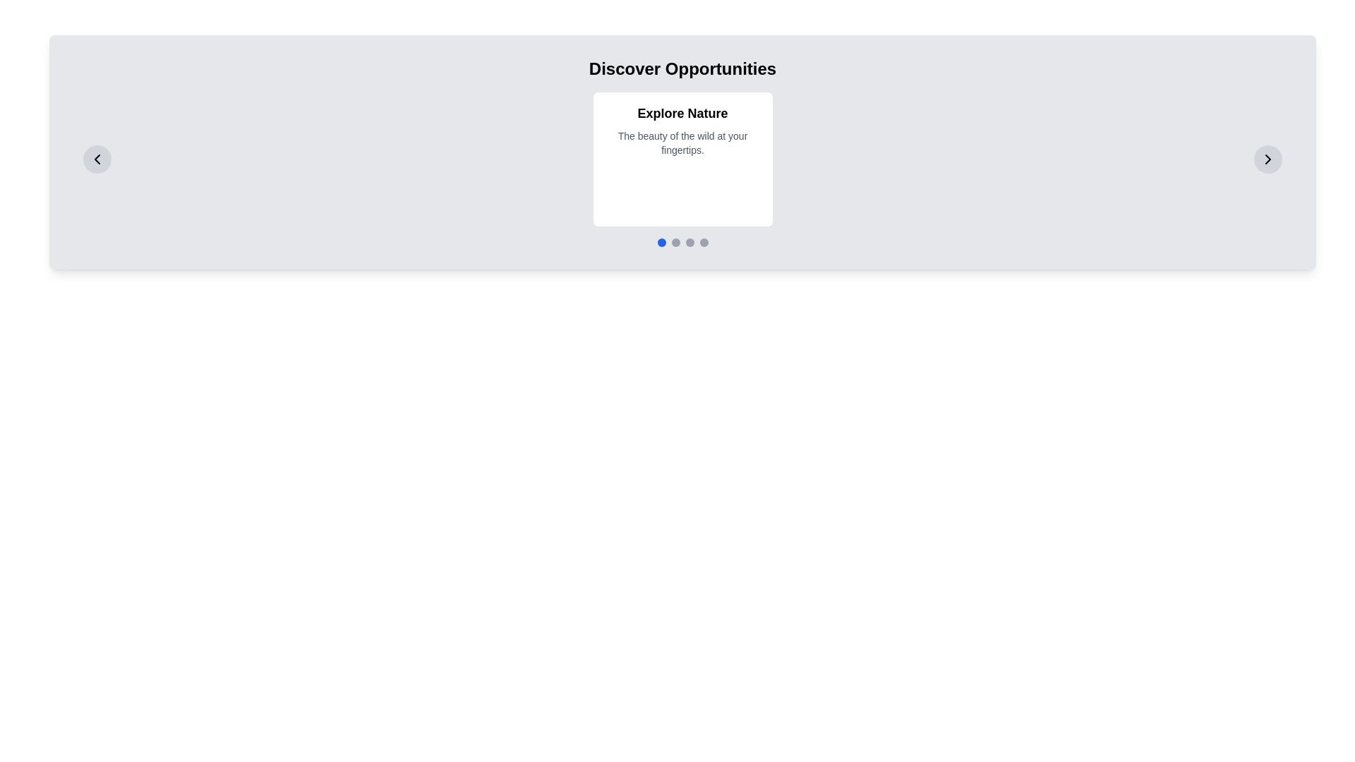 This screenshot has width=1355, height=762. What do you see at coordinates (97, 159) in the screenshot?
I see `the circular button with a light gray background and a black left-pointing chevron` at bounding box center [97, 159].